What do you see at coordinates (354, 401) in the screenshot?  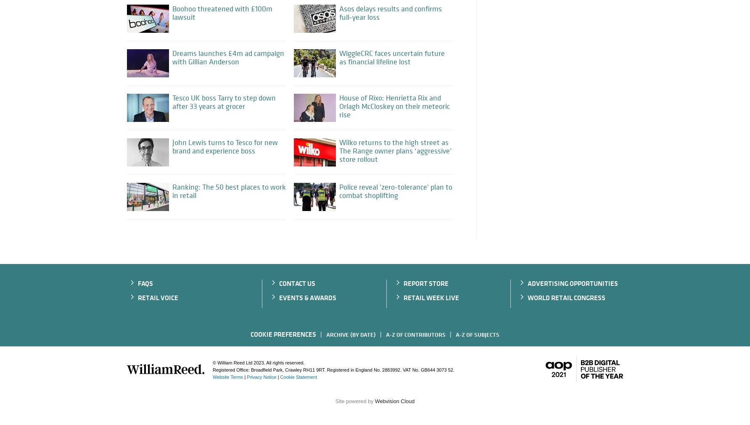 I see `'Site powered by'` at bounding box center [354, 401].